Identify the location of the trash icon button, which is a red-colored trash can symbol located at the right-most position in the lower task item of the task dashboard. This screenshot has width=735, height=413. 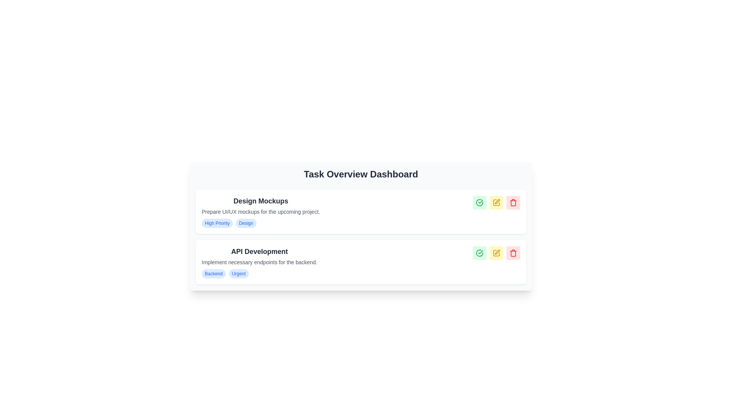
(513, 202).